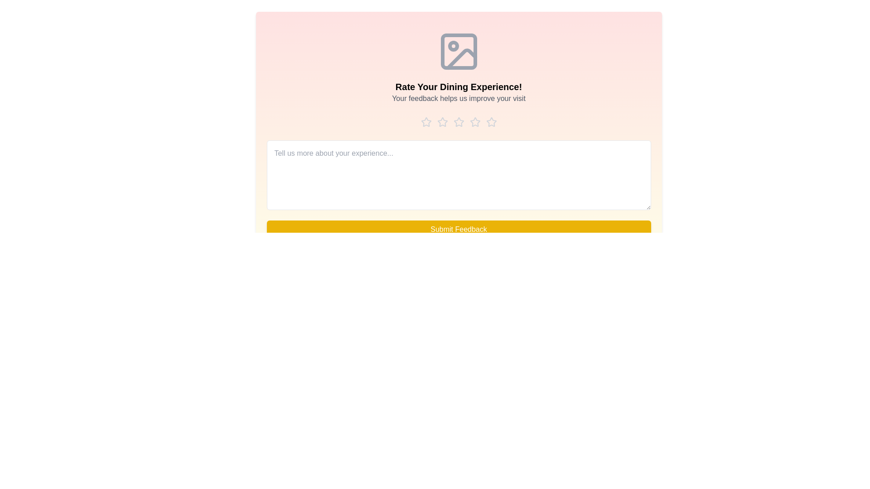 This screenshot has height=489, width=870. What do you see at coordinates (459, 52) in the screenshot?
I see `the icon at the top of the component` at bounding box center [459, 52].